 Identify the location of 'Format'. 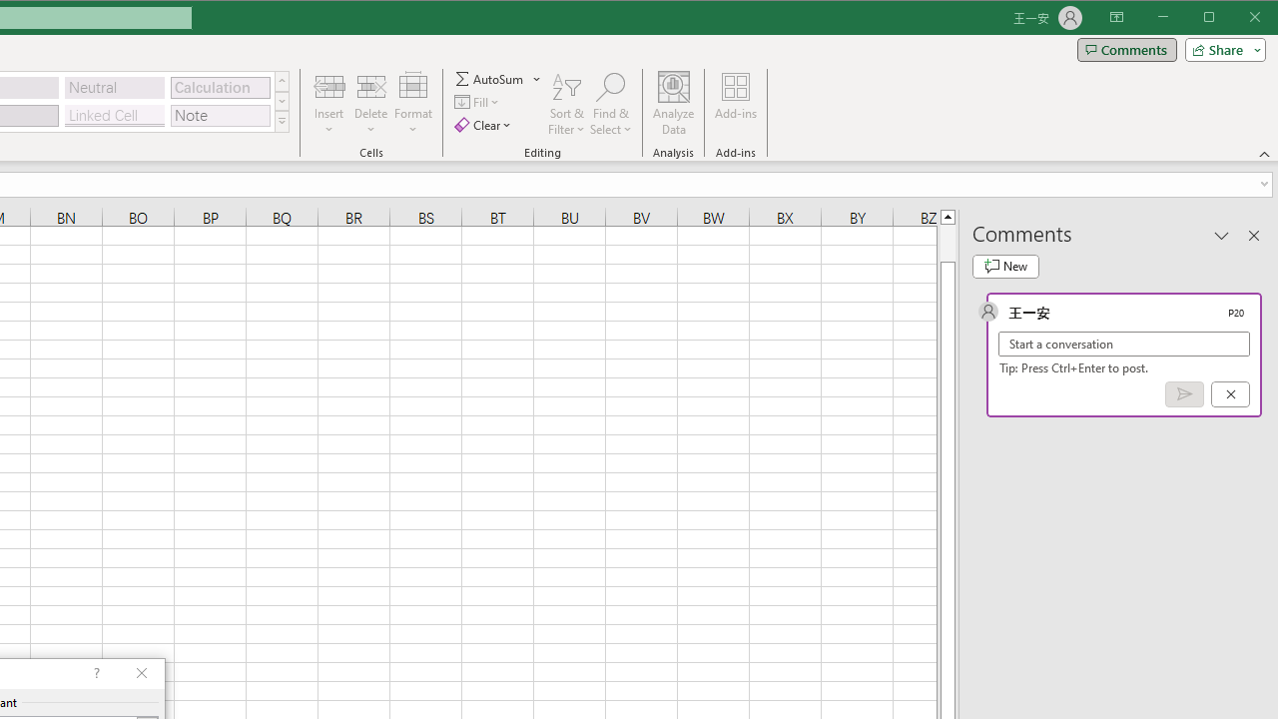
(412, 104).